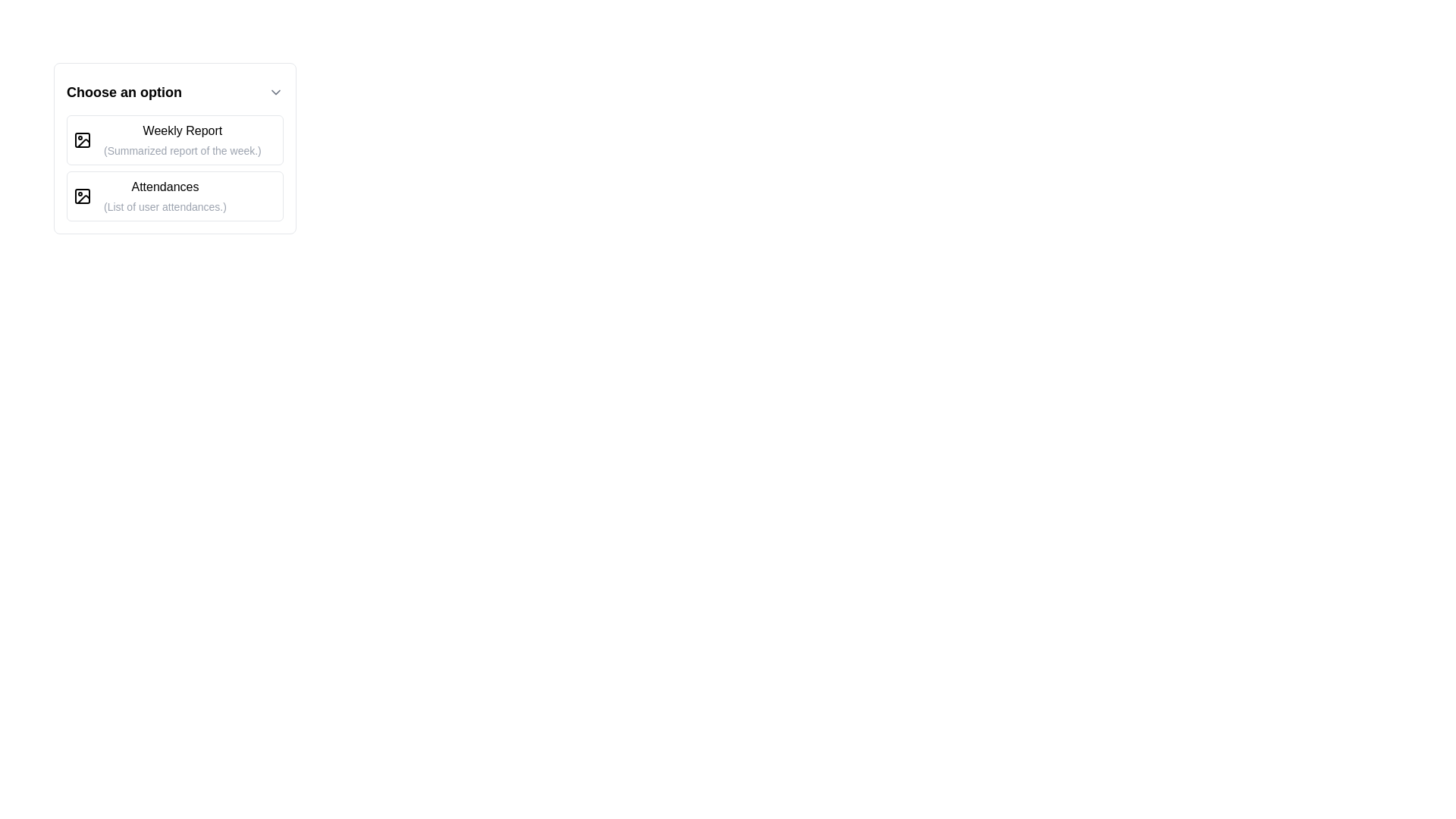  I want to click on 'Weekly Report' text label which consists of two lines: the first line is 'Weekly Report' in bold, large font, and the second line is '(Summarized report of the week.)' in smaller, lighter font, centrally aligned in the left-center of the page, so click(182, 140).